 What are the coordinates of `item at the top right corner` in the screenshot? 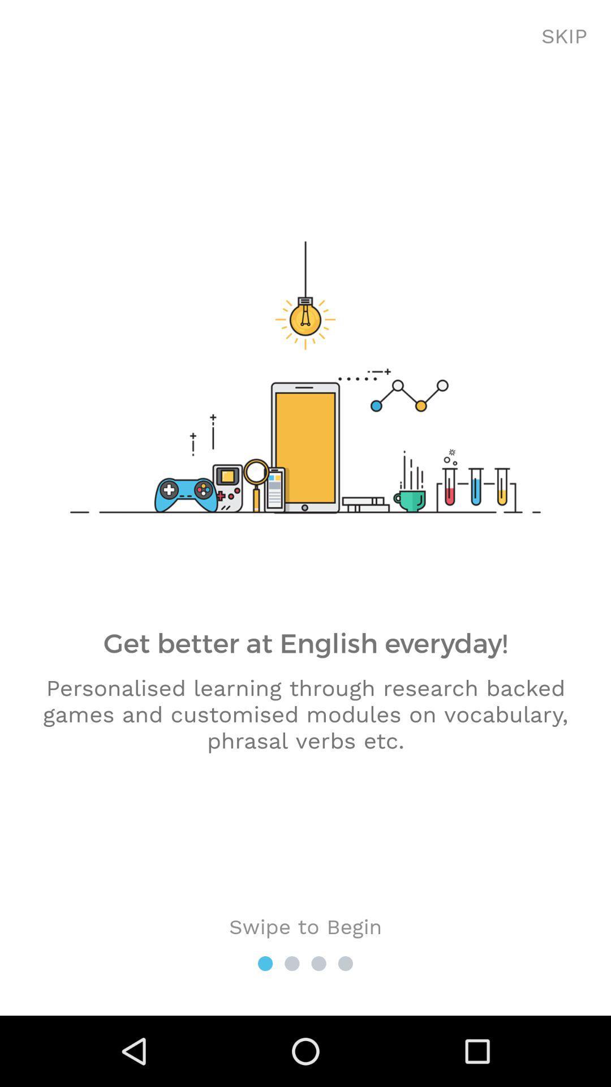 It's located at (564, 37).